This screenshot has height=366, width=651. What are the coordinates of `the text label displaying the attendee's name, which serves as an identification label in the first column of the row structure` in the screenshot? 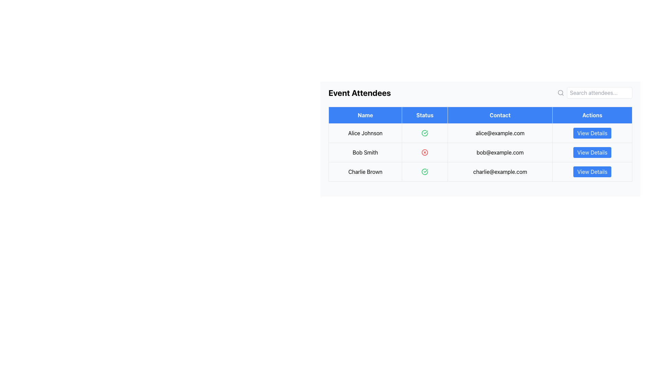 It's located at (365, 133).